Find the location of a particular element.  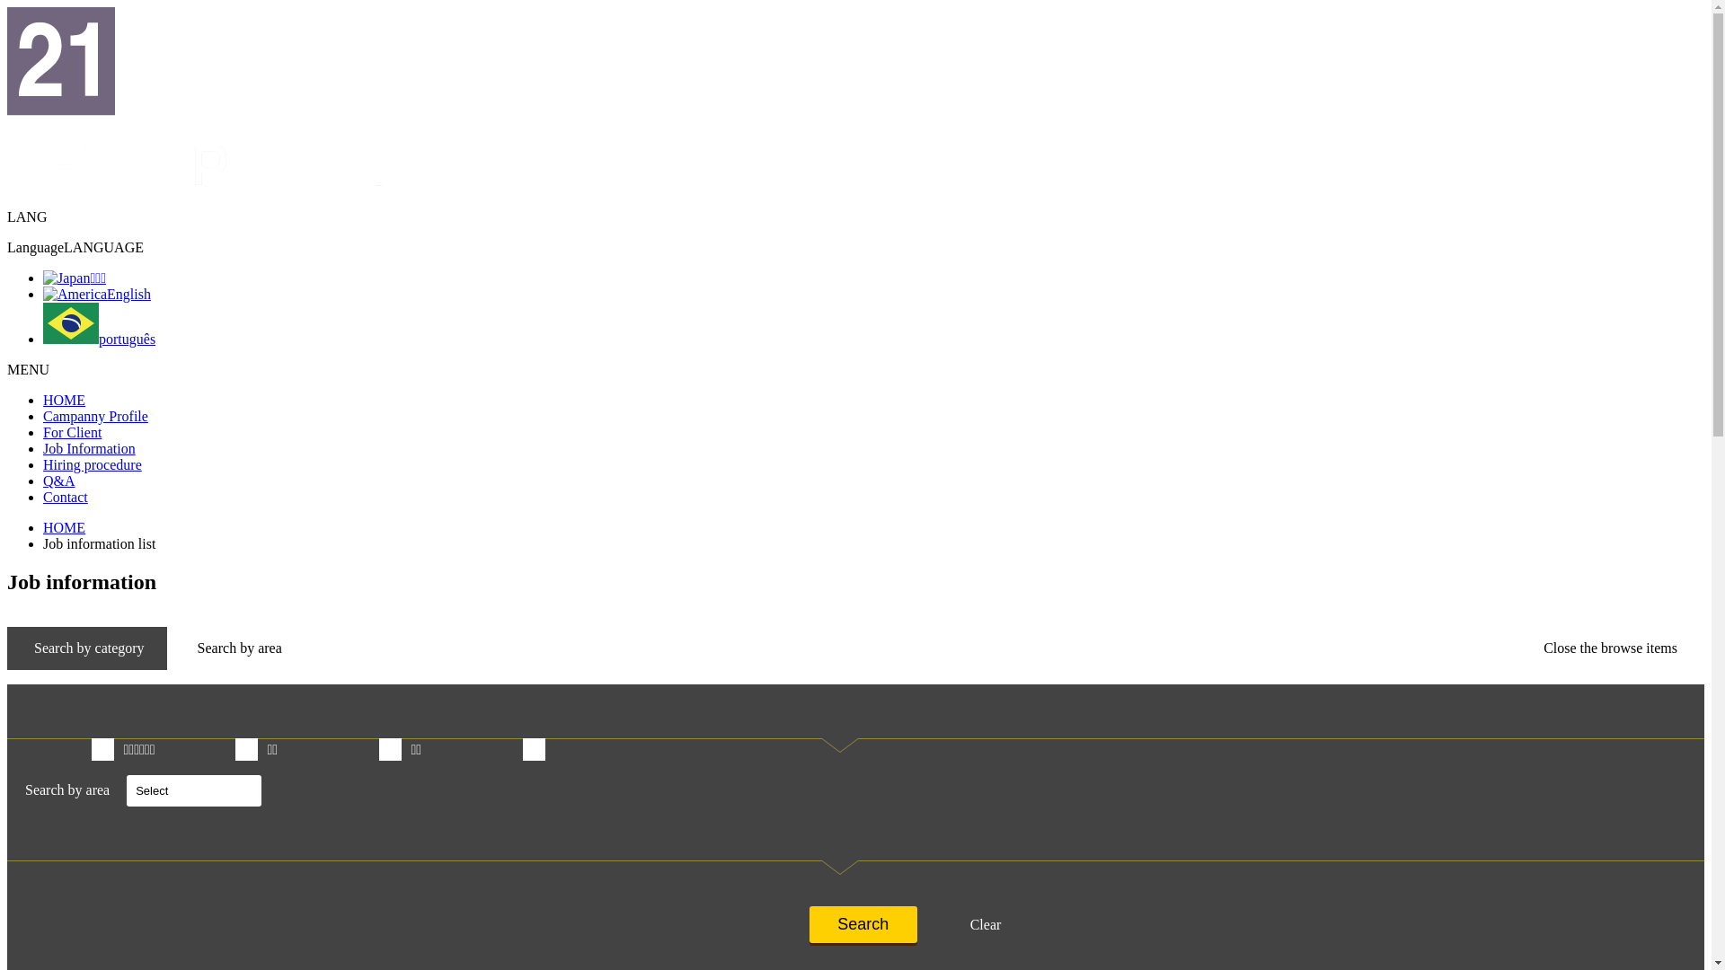

'English' is located at coordinates (95, 293).